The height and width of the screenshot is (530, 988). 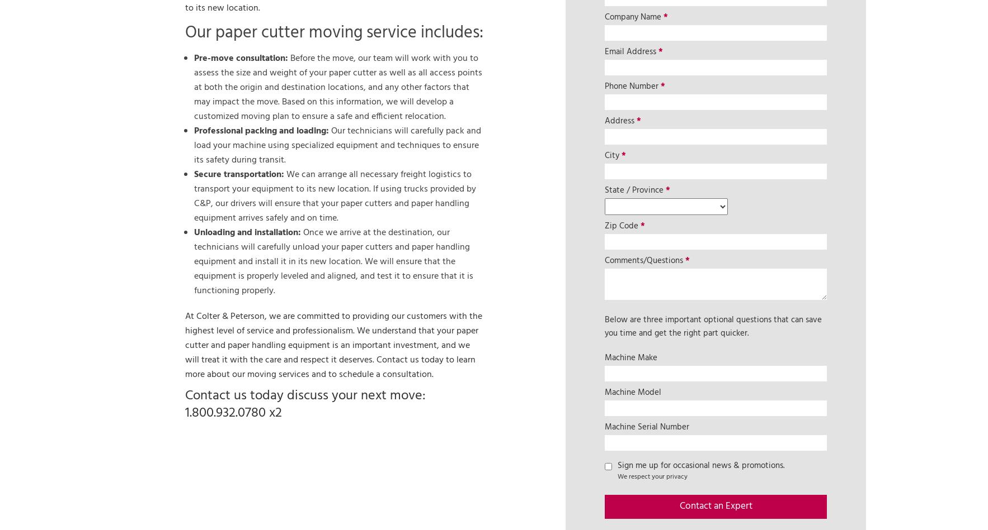 What do you see at coordinates (194, 145) in the screenshot?
I see `'Our technicians will carefully pack and load your machine using specialized equipment and techniques to ensure its safety during transit.'` at bounding box center [194, 145].